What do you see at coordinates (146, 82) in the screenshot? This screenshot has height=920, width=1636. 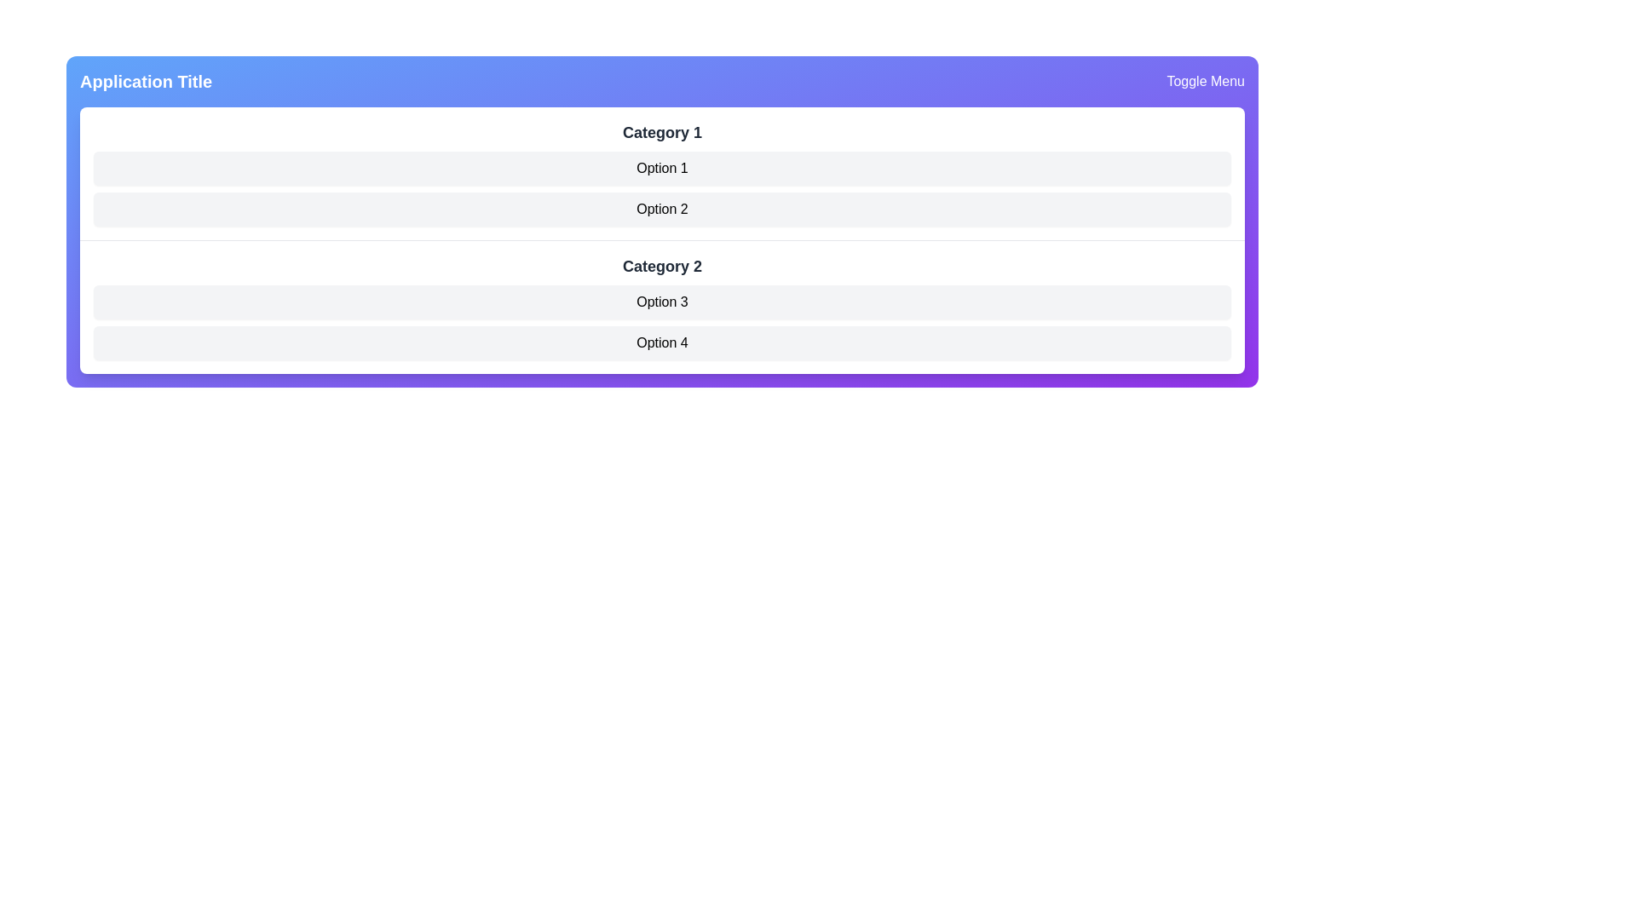 I see `the 'Application Title' text label, which is displayed in bold white text on a blue gradient rectangle within the header bar` at bounding box center [146, 82].